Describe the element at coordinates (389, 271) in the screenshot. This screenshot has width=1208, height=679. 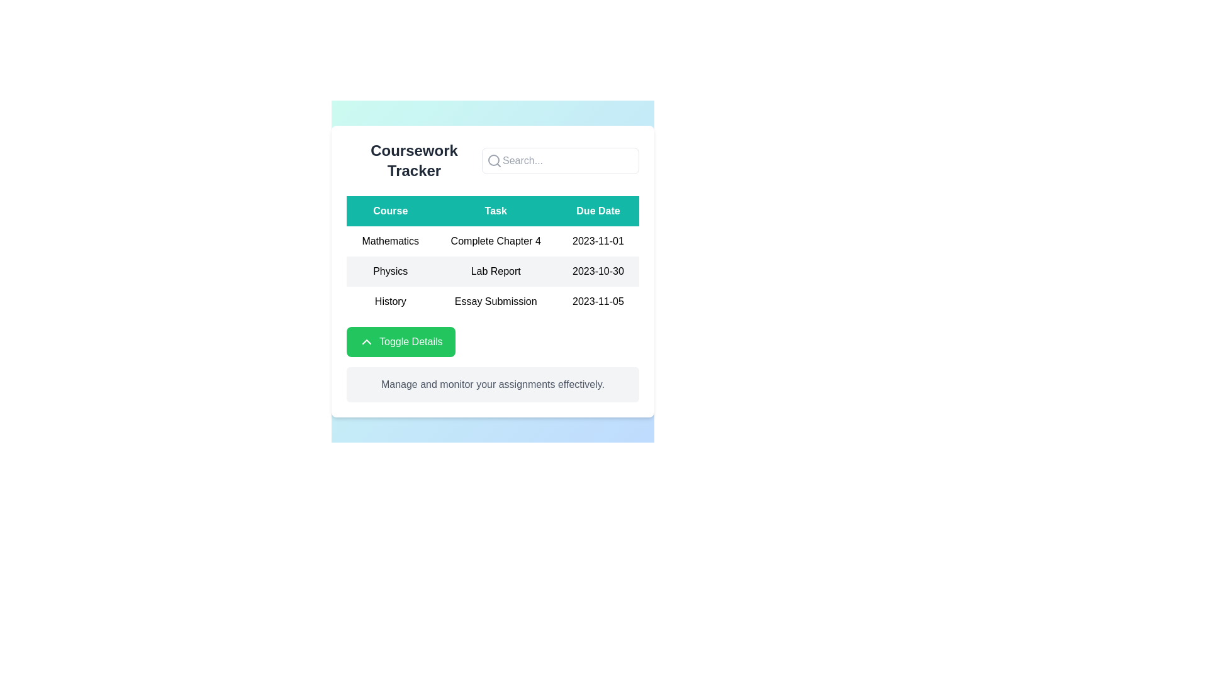
I see `the static text label 'Physics' in the coursework tracker interface` at that location.